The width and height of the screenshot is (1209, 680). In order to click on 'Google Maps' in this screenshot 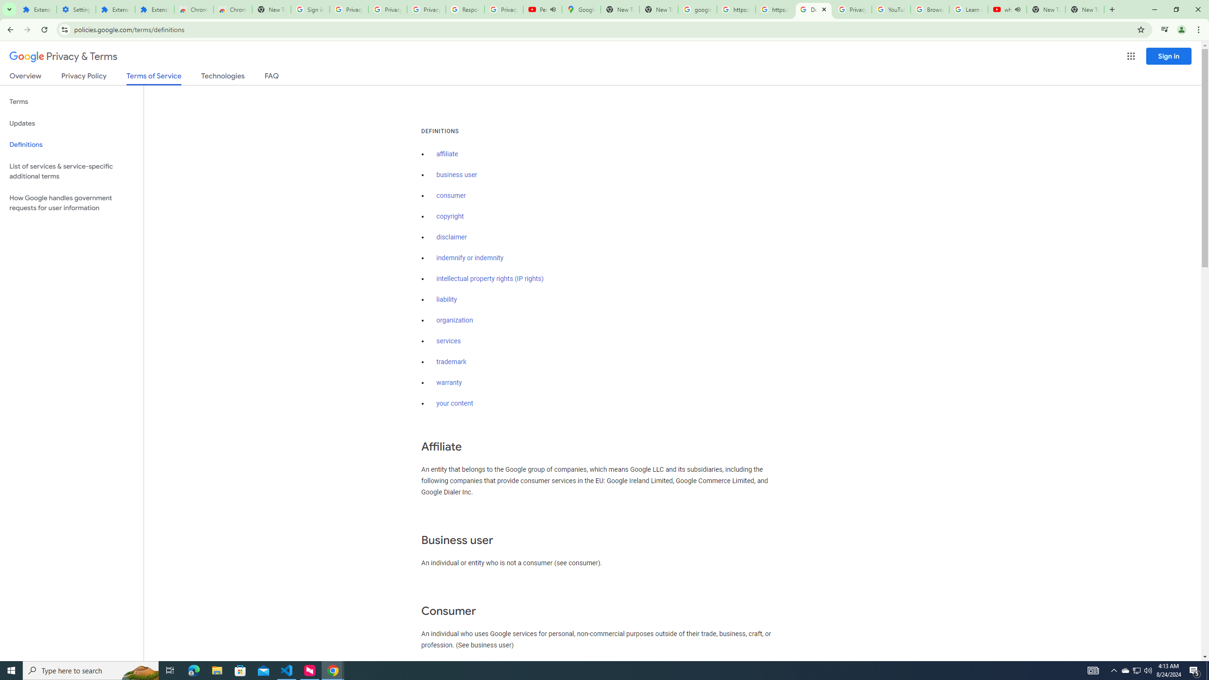, I will do `click(581, 9)`.